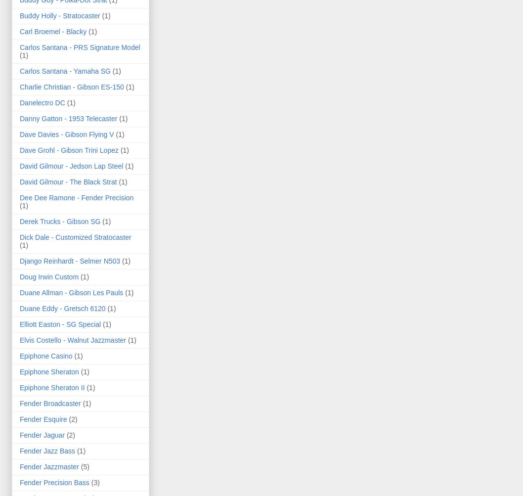 The height and width of the screenshot is (496, 523). I want to click on 'Carlos Santana - Yamaha SG', so click(64, 70).